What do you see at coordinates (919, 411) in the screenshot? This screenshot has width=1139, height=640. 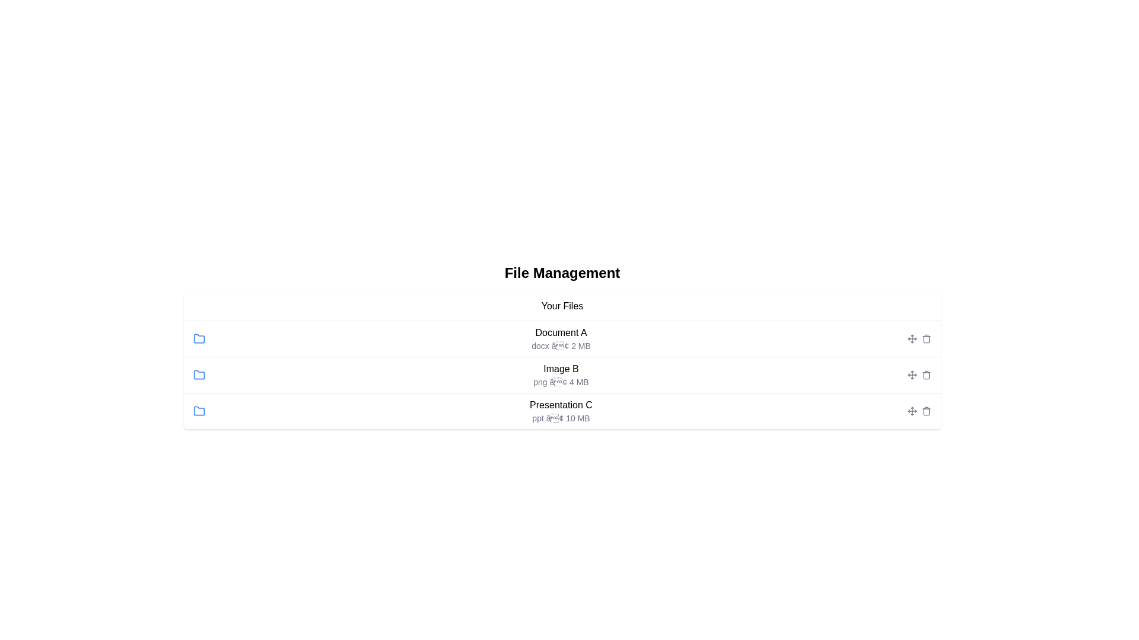 I see `the right icon of the icon group, which is styled with a red hover color, located at the right side of 'Presentation Cppt • 10 MB'` at bounding box center [919, 411].